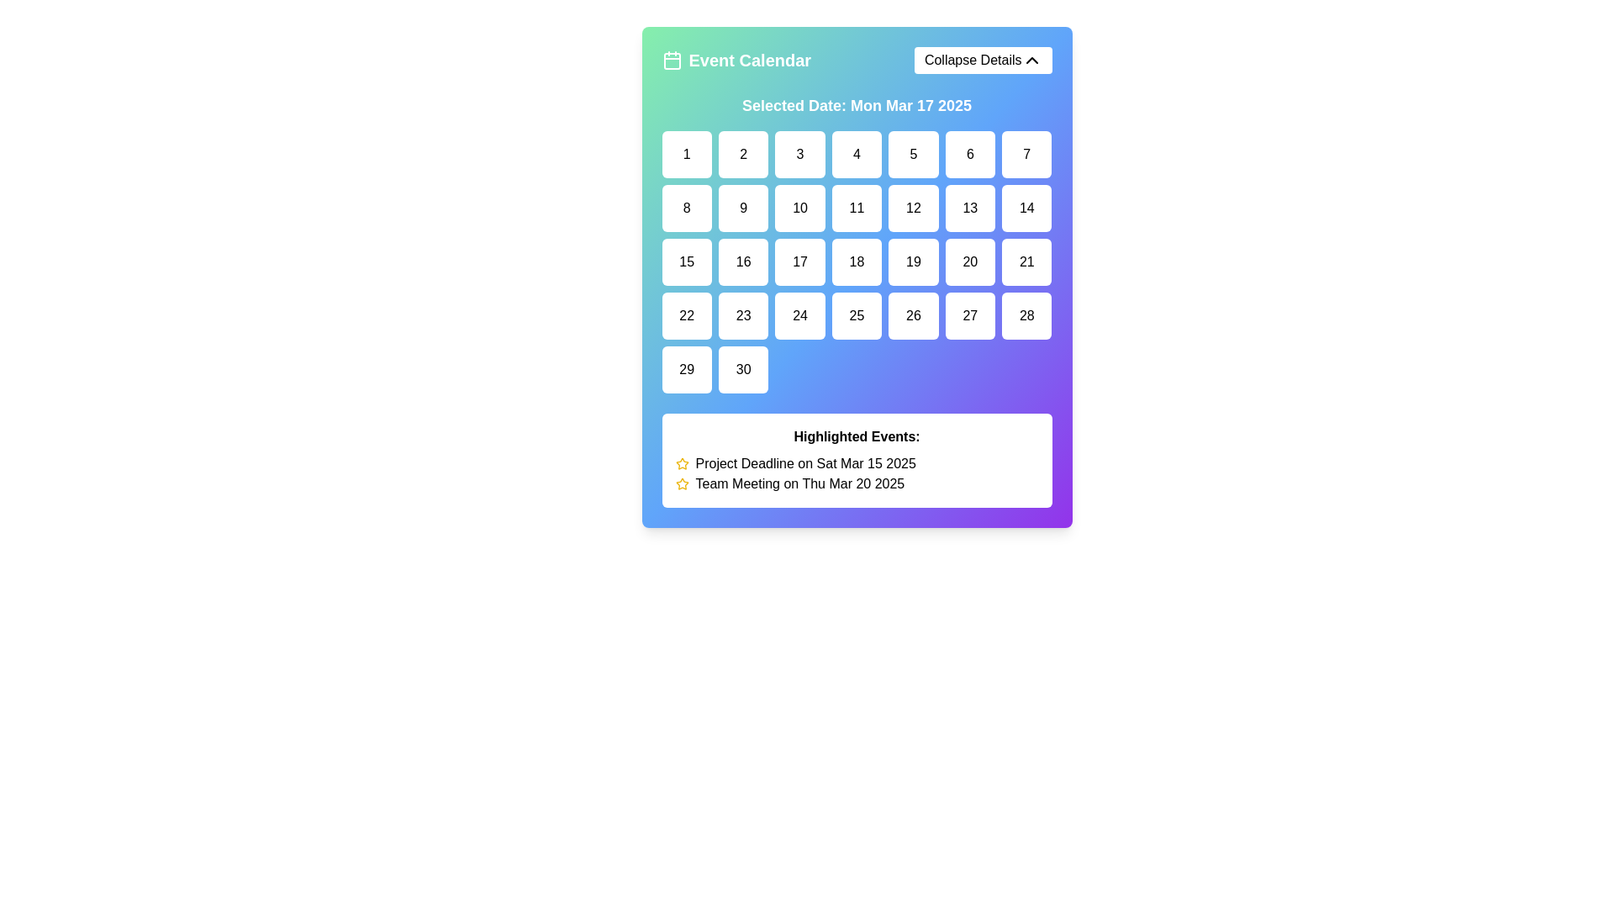 The image size is (1614, 908). Describe the element at coordinates (799, 155) in the screenshot. I see `the square button with rounded corners displaying the numeral '3' to observe its hover effect` at that location.